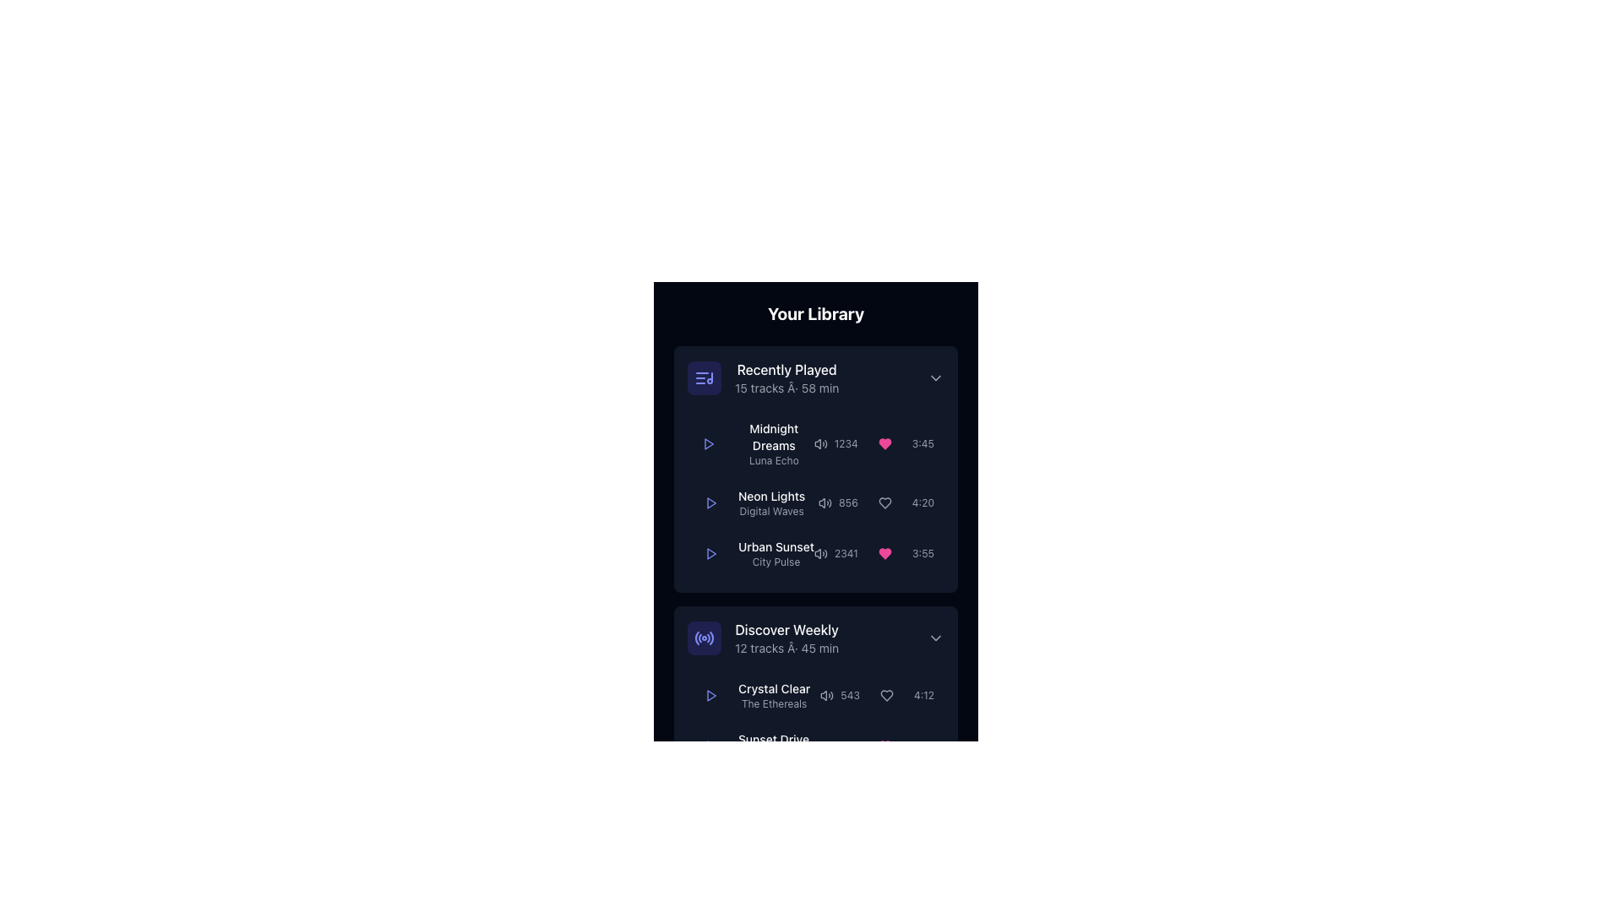  What do you see at coordinates (710, 696) in the screenshot?
I see `the playback icon button located to the left of the 'Crystal Clear' song title in the 'Discover Weekly' section` at bounding box center [710, 696].